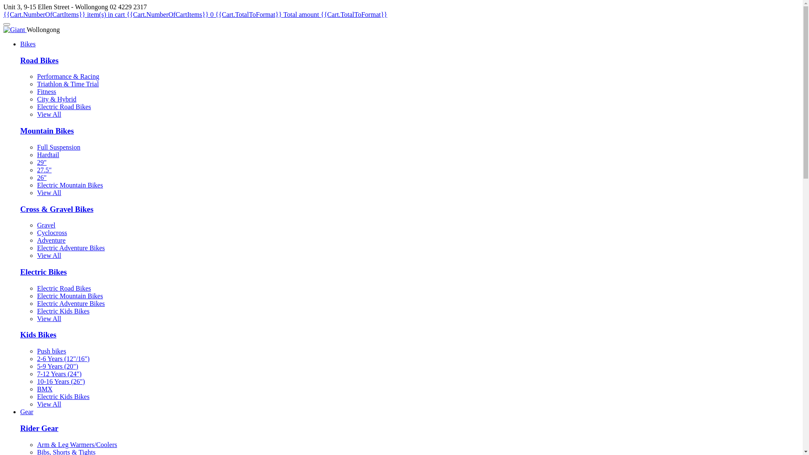  I want to click on 'Triathlon & Time Trial', so click(36, 84).